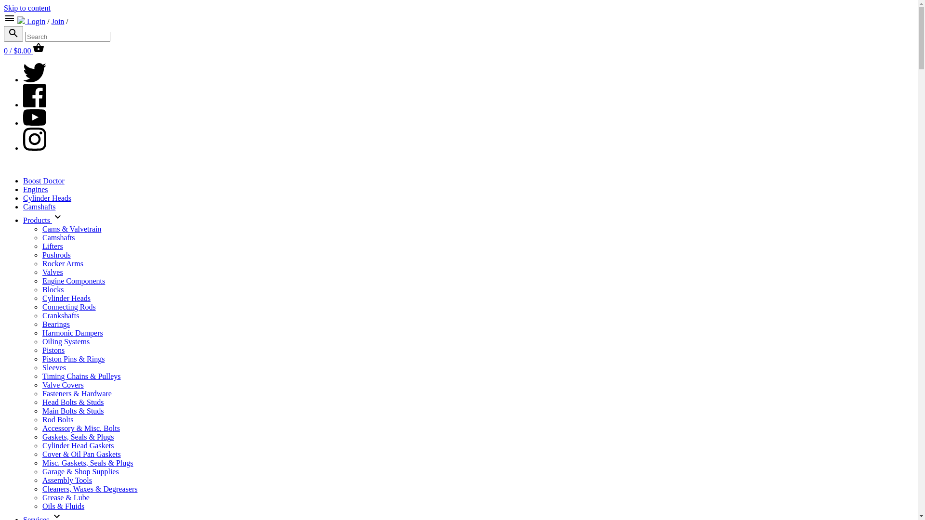 The height and width of the screenshot is (520, 925). Describe the element at coordinates (41, 229) in the screenshot. I see `'Cams & Valvetrain'` at that location.